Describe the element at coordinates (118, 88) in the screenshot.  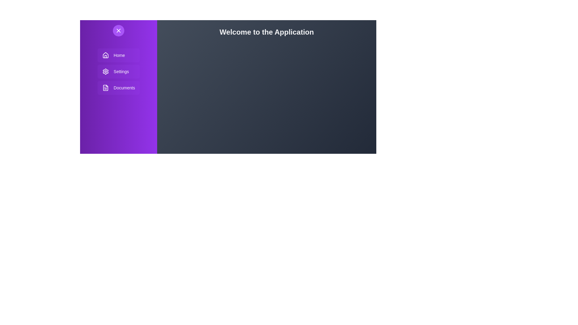
I see `the sidebar menu item Documents` at that location.